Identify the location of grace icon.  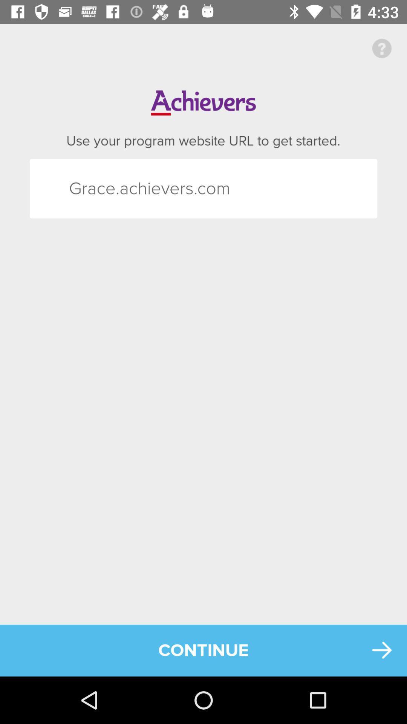
(83, 189).